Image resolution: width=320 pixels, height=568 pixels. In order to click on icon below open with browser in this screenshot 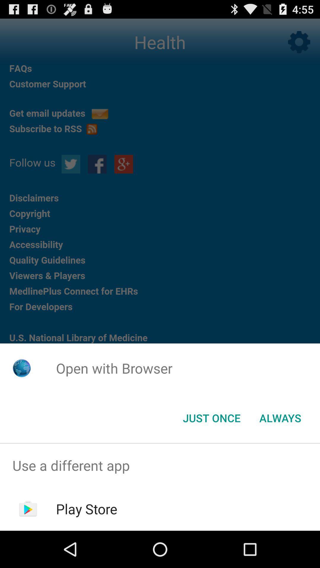, I will do `click(280, 417)`.